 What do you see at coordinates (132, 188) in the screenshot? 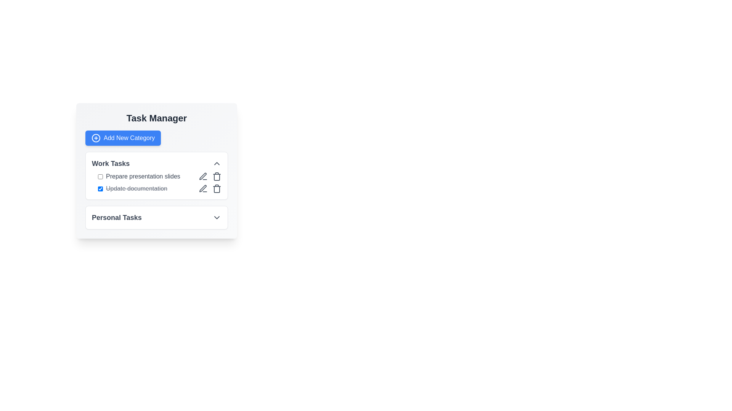
I see `the text of the second task entry in the 'Work Tasks' section of the 'Task Manager' interface to focus or view task details` at bounding box center [132, 188].